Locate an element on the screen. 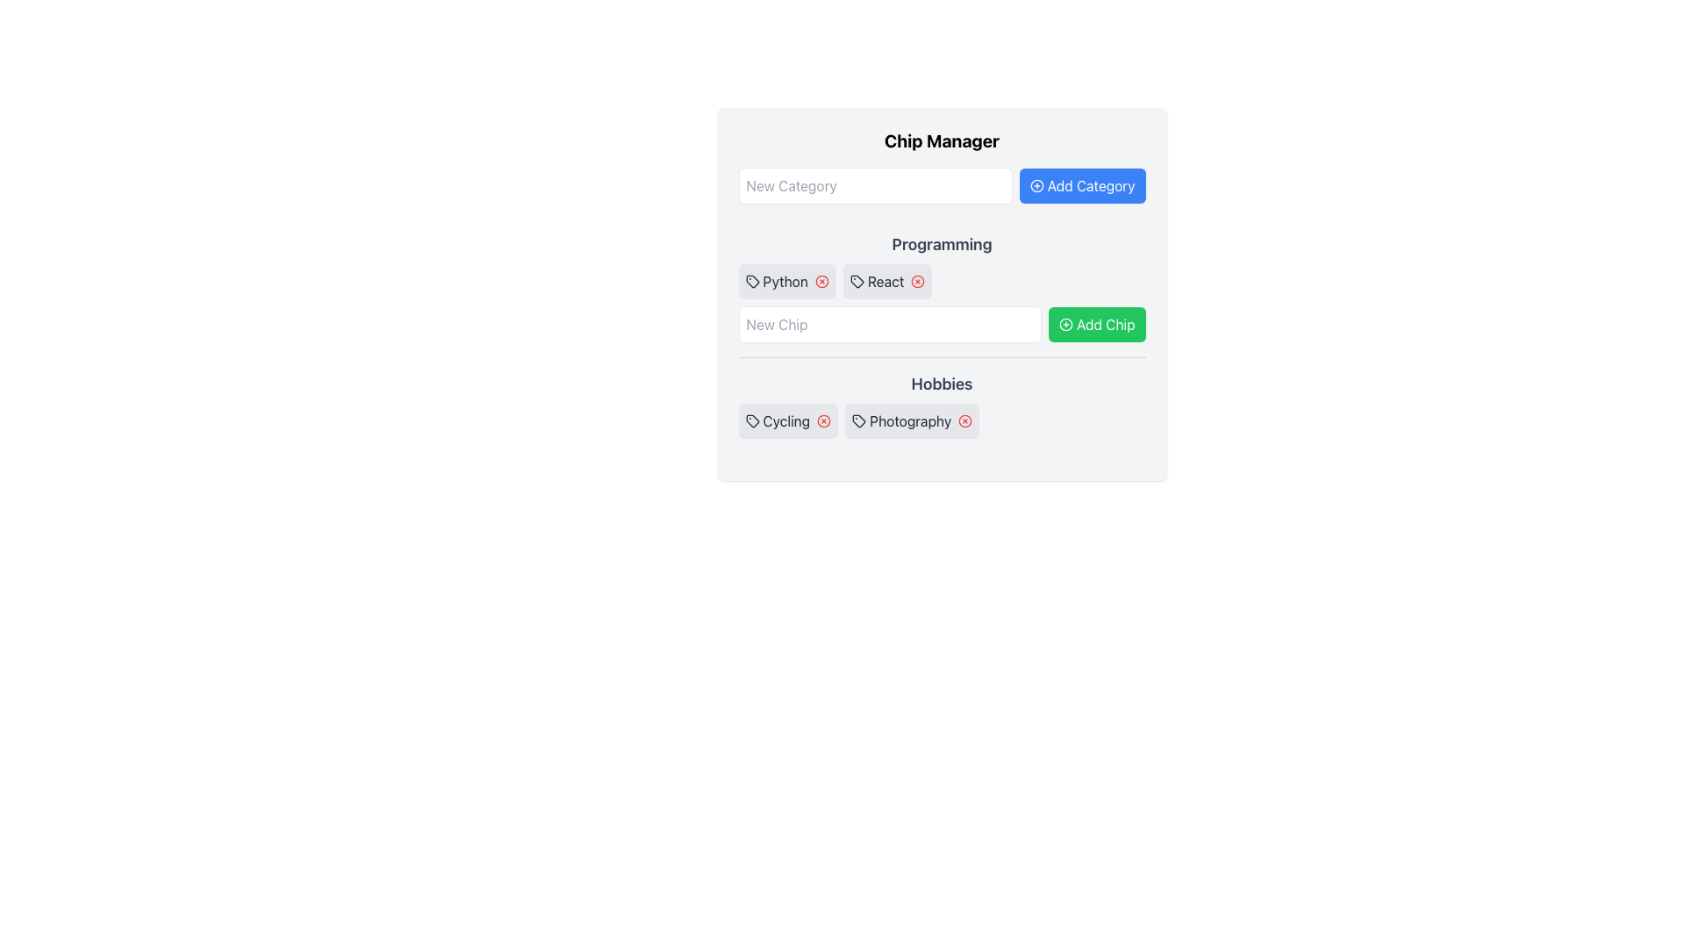  the circular icon button located to the right of the 'Python' chip in the Programming section is located at coordinates (821, 280).